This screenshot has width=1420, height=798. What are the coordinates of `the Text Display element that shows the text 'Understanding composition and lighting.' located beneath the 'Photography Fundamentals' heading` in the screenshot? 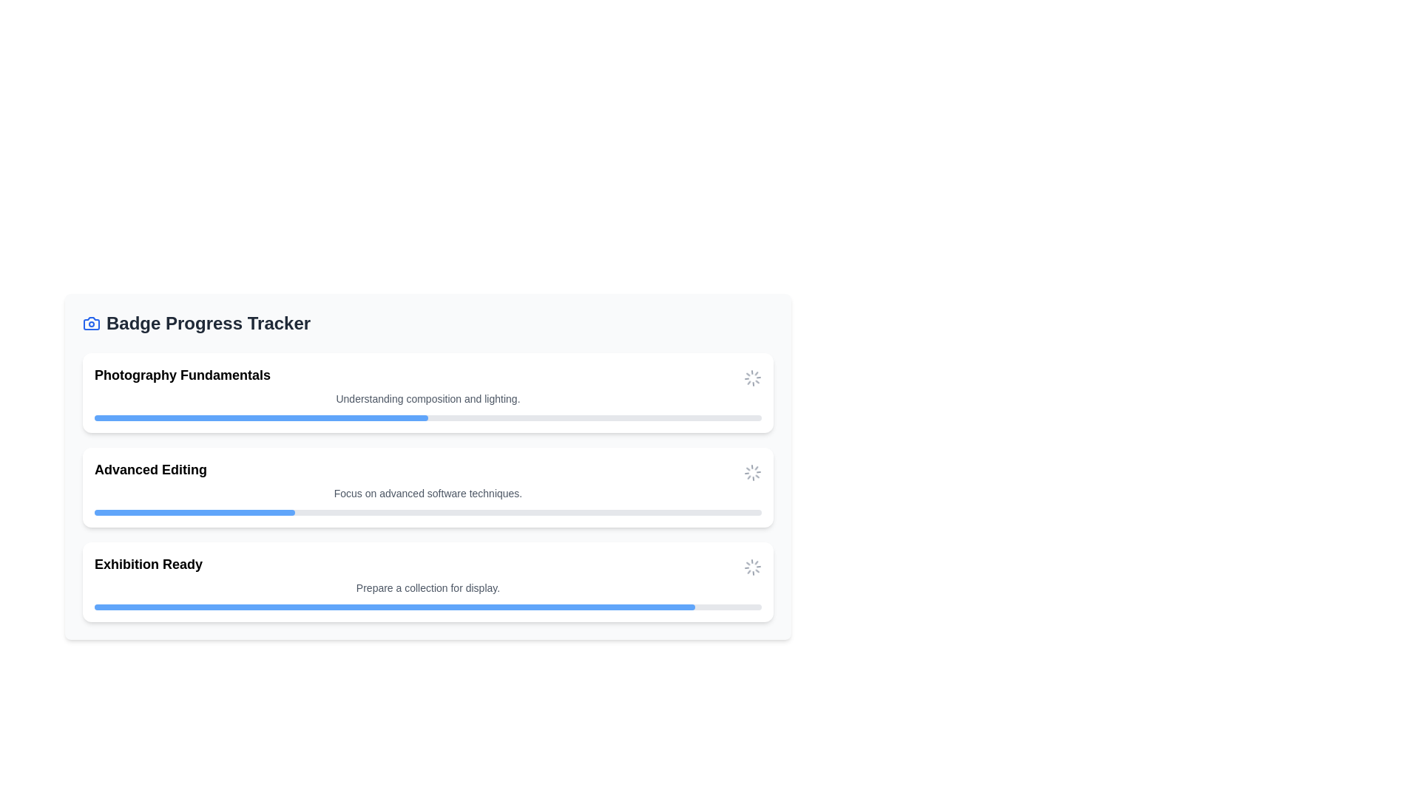 It's located at (427, 399).